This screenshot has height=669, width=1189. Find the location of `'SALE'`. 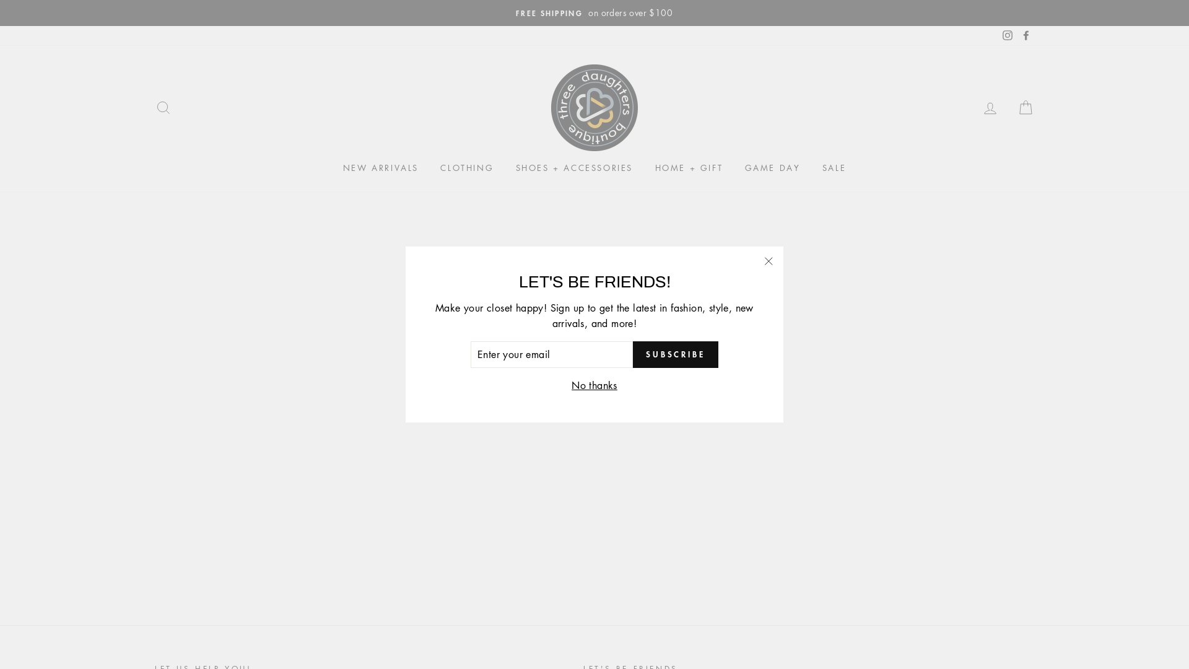

'SALE' is located at coordinates (813, 168).